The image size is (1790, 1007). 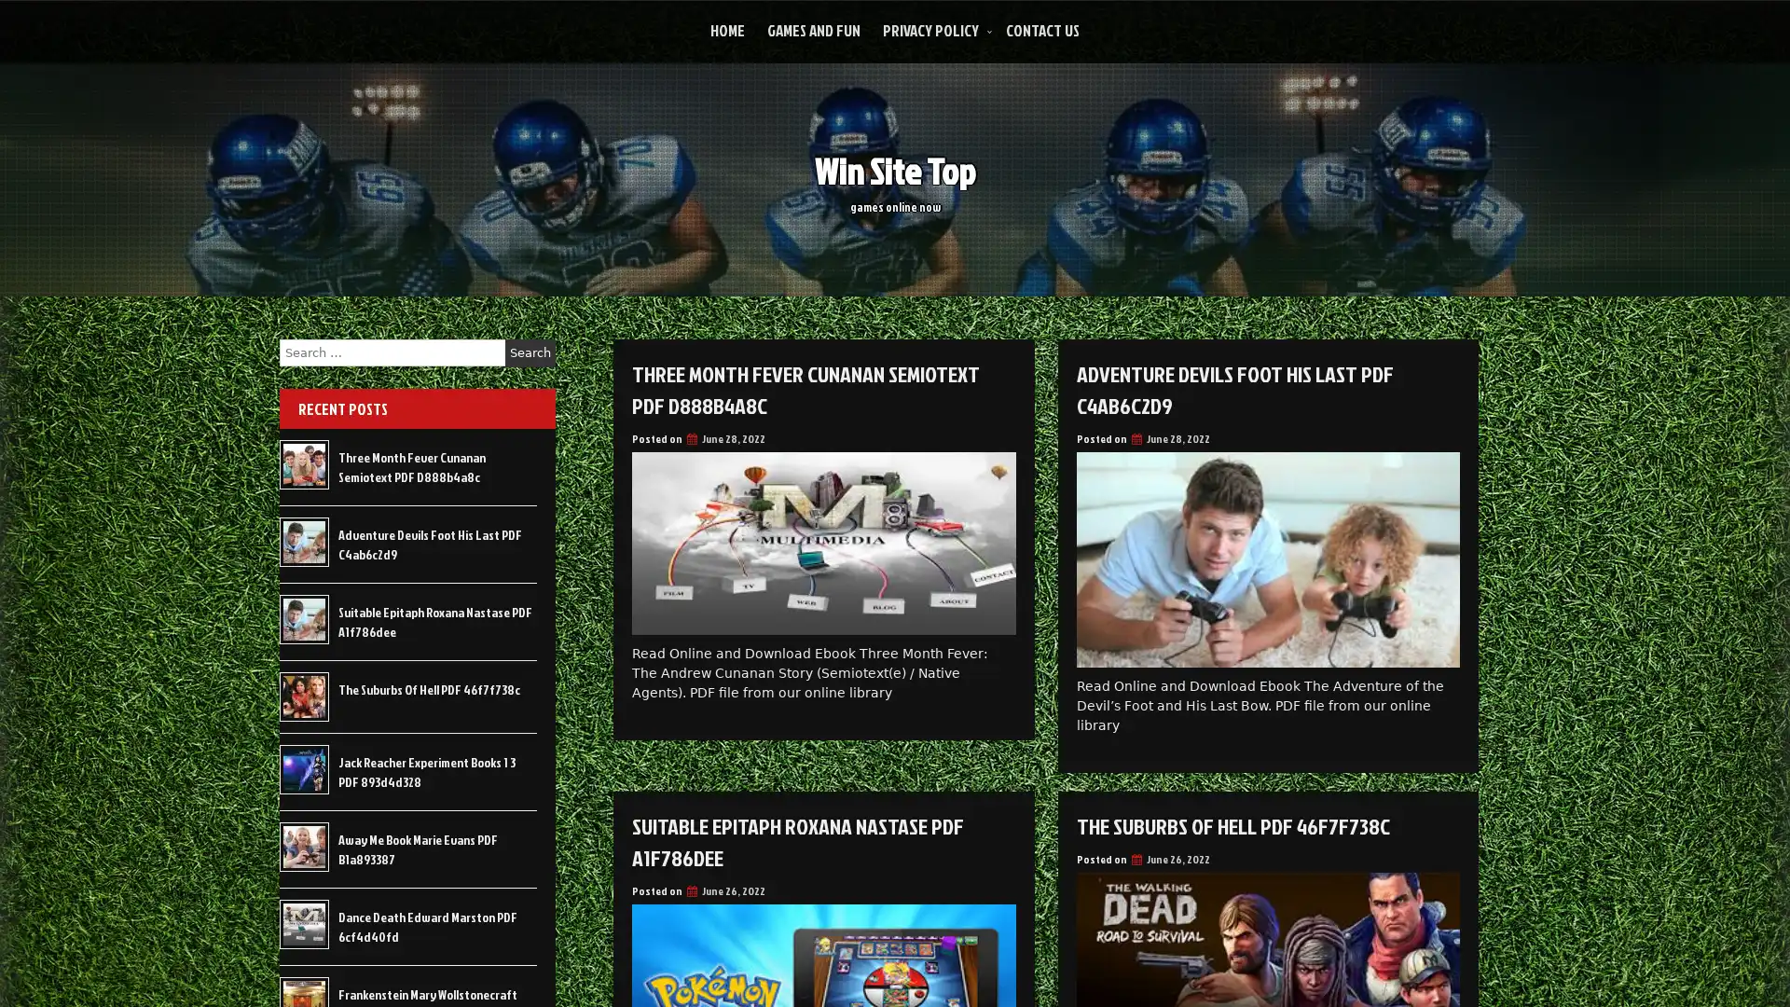 I want to click on Search, so click(x=530, y=352).